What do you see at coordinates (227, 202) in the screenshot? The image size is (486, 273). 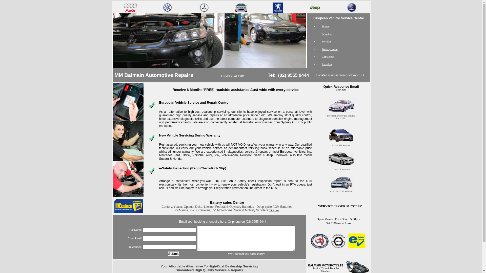 I see `'Battery sales Centre'` at bounding box center [227, 202].